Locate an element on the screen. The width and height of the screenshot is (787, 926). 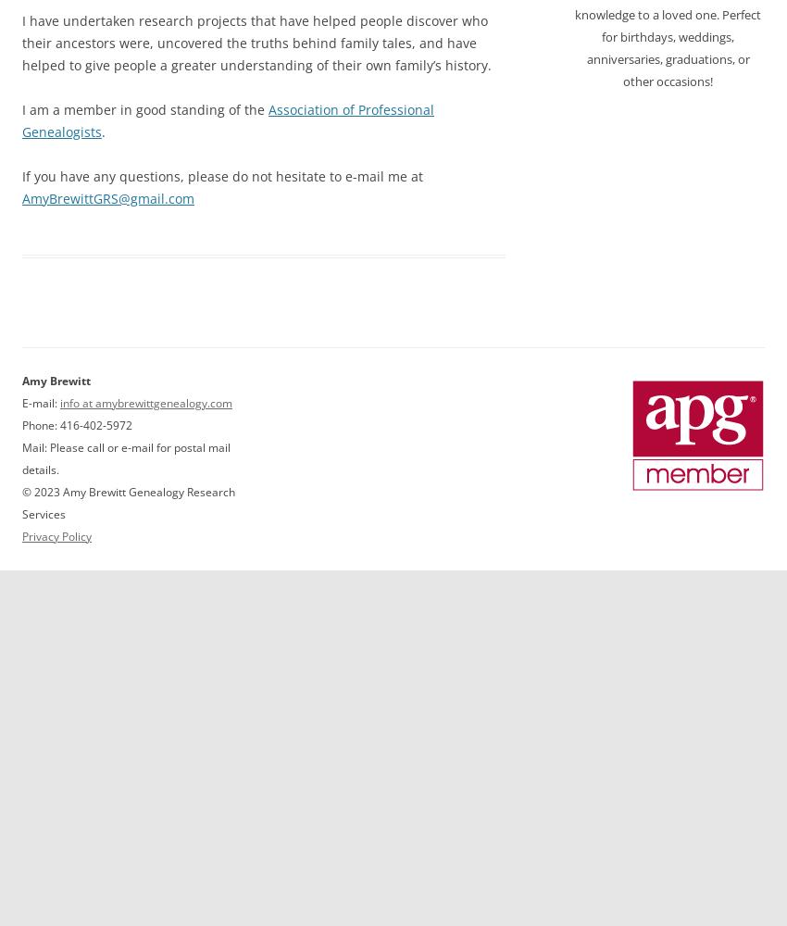
'Association of Professional Genealogists' is located at coordinates (228, 119).